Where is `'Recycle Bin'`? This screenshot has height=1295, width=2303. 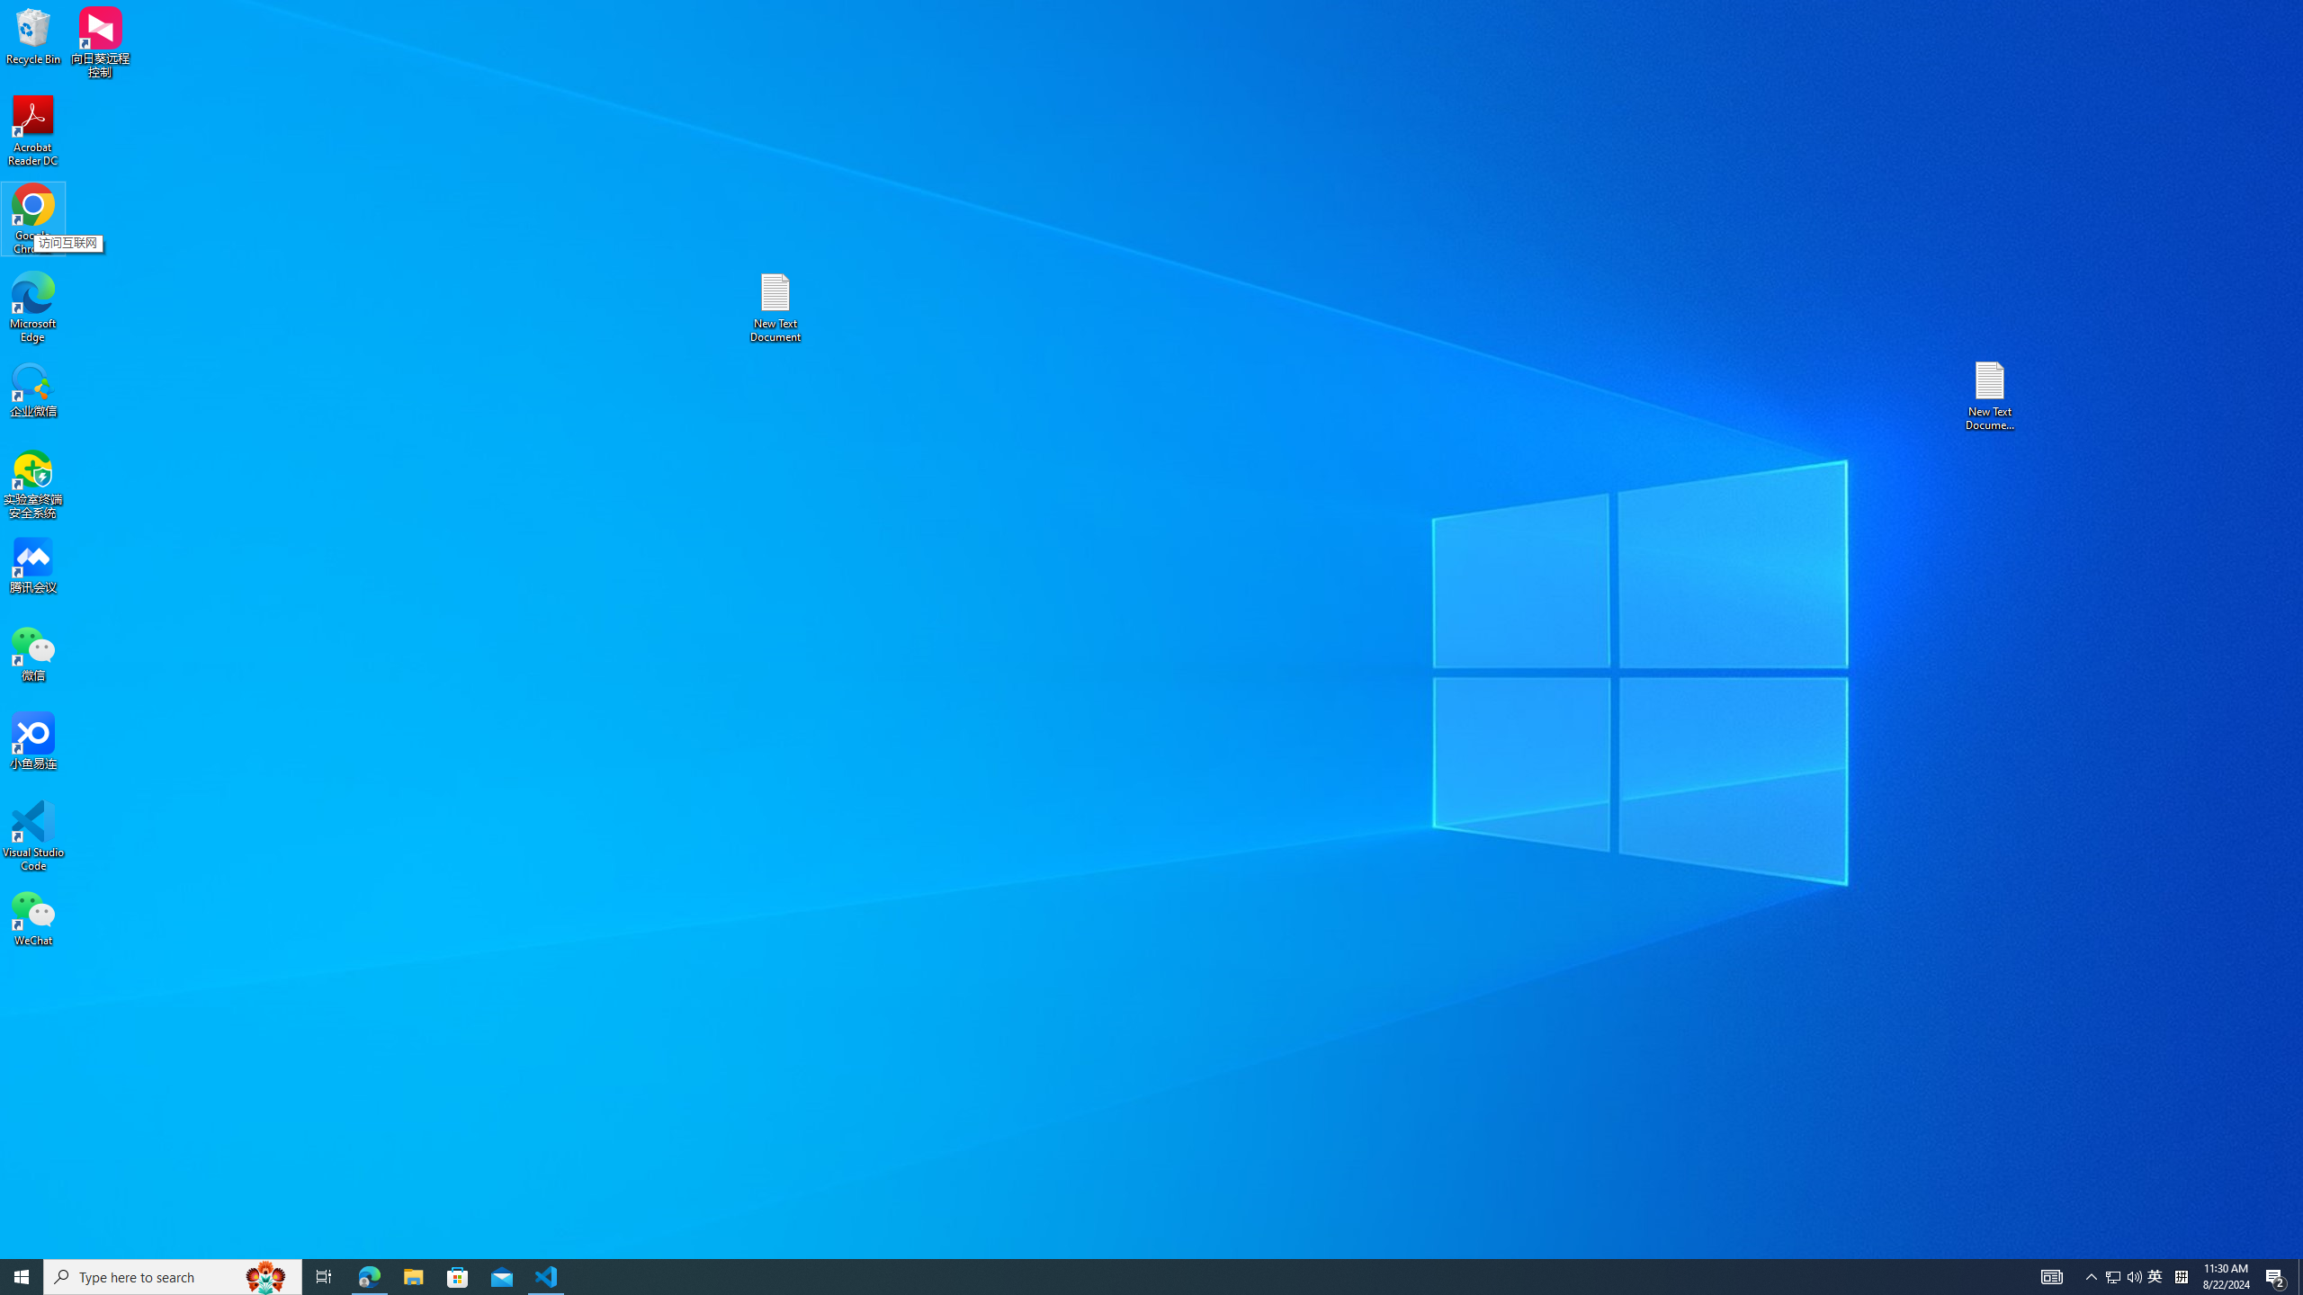 'Recycle Bin' is located at coordinates (32, 34).